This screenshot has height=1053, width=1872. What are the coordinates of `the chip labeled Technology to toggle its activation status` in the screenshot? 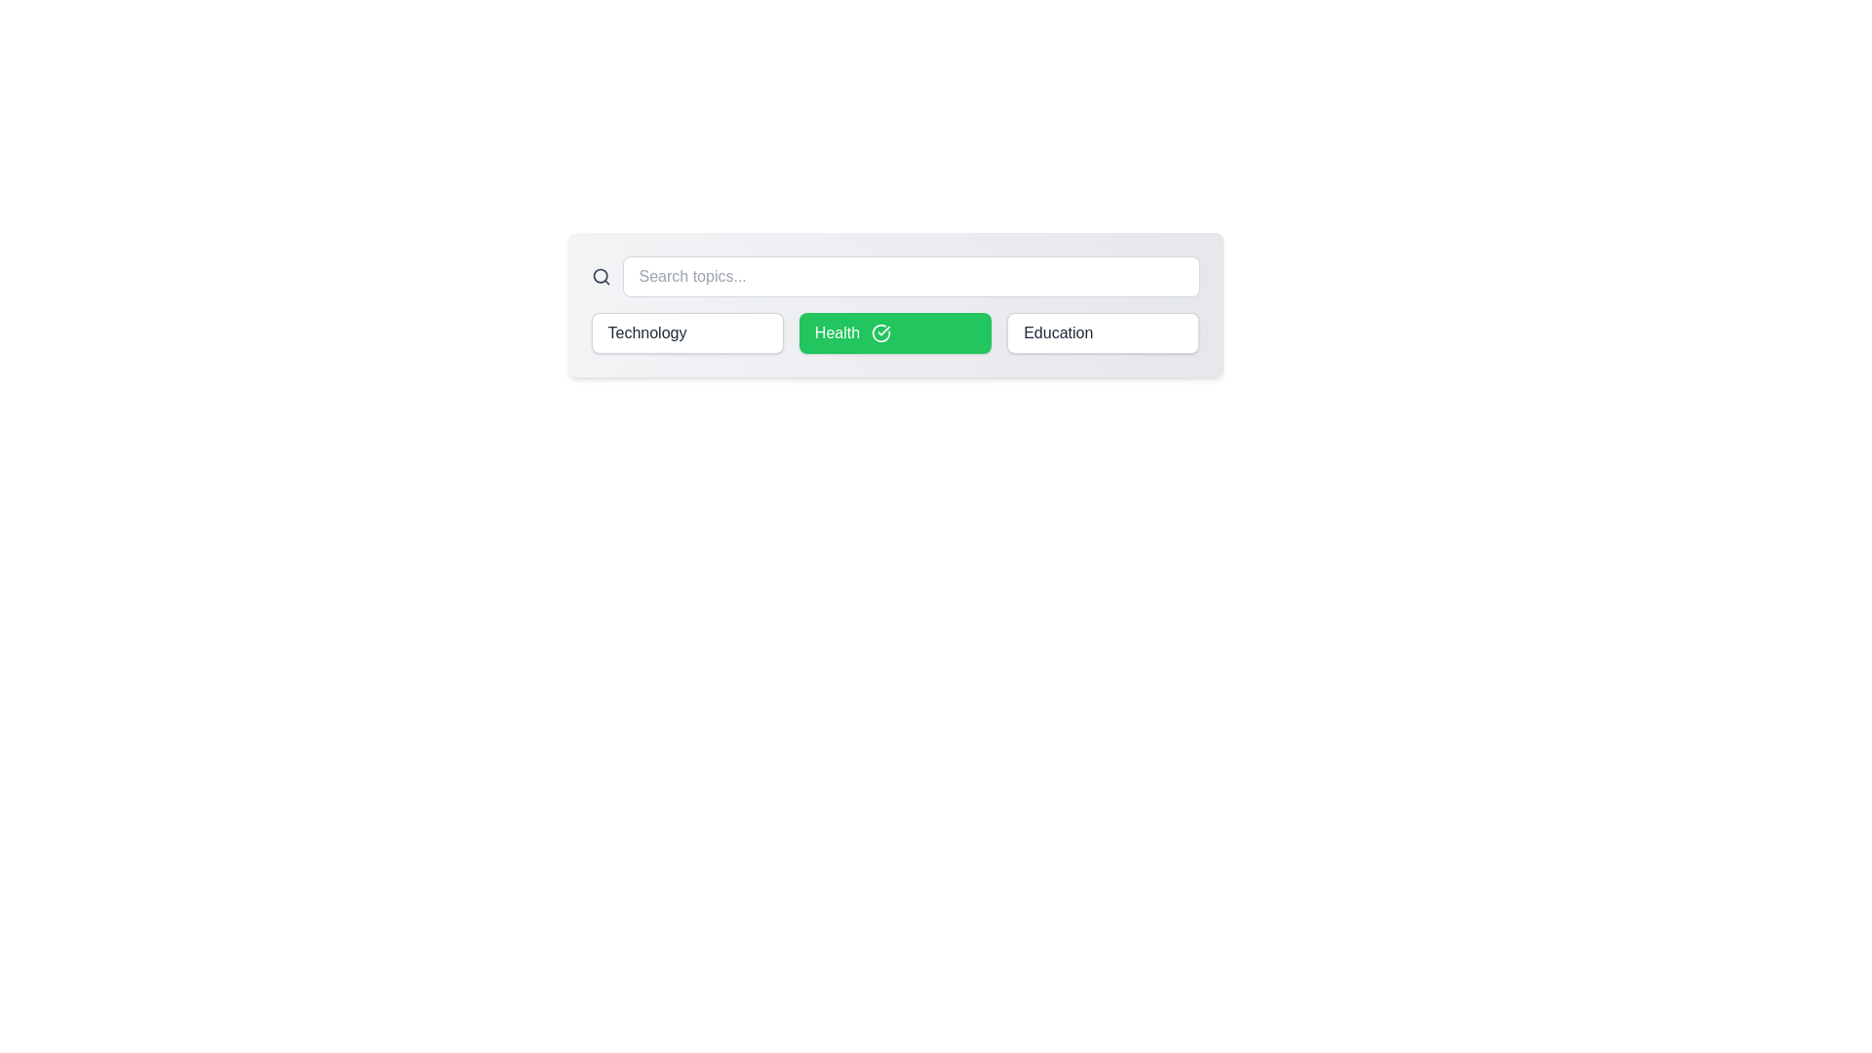 It's located at (687, 332).